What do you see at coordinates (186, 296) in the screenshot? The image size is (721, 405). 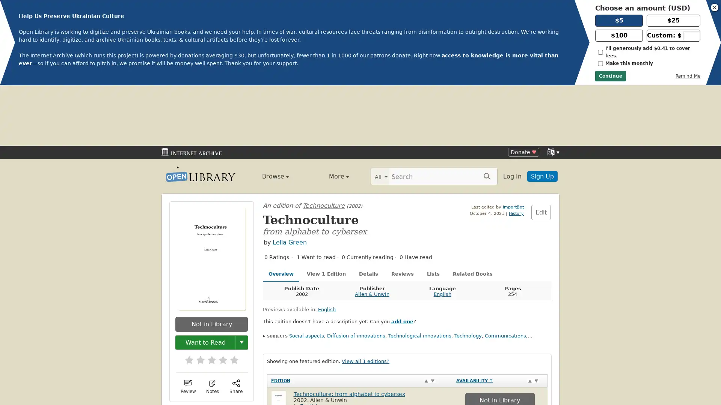 I see `1` at bounding box center [186, 296].